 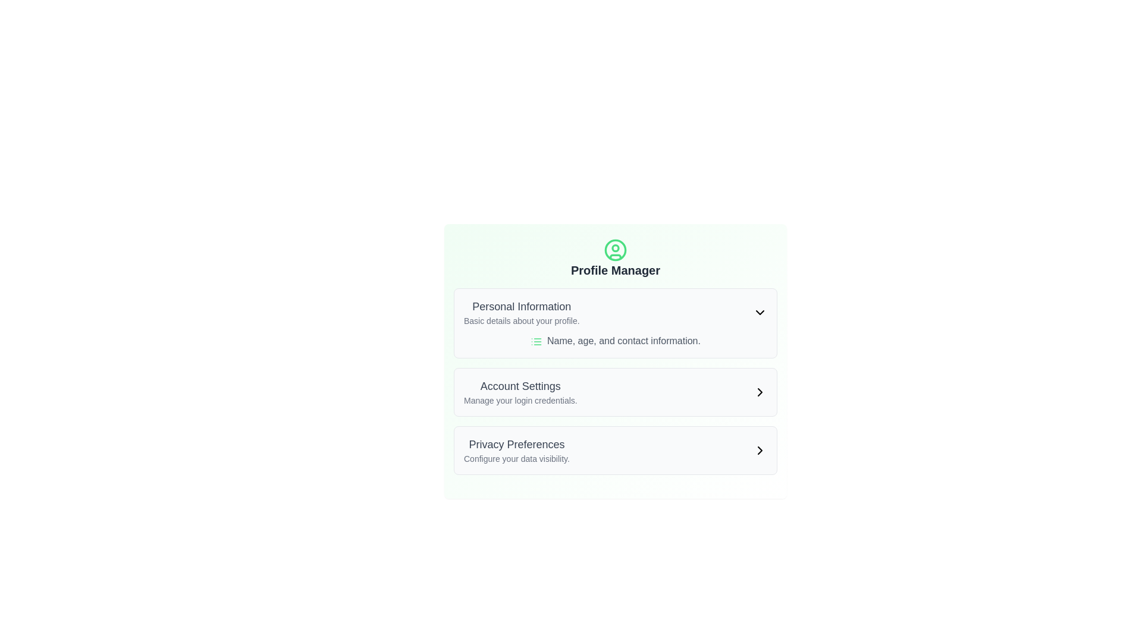 I want to click on the chevron icon located at the far right of the 'Personal Information' section, so click(x=759, y=311).